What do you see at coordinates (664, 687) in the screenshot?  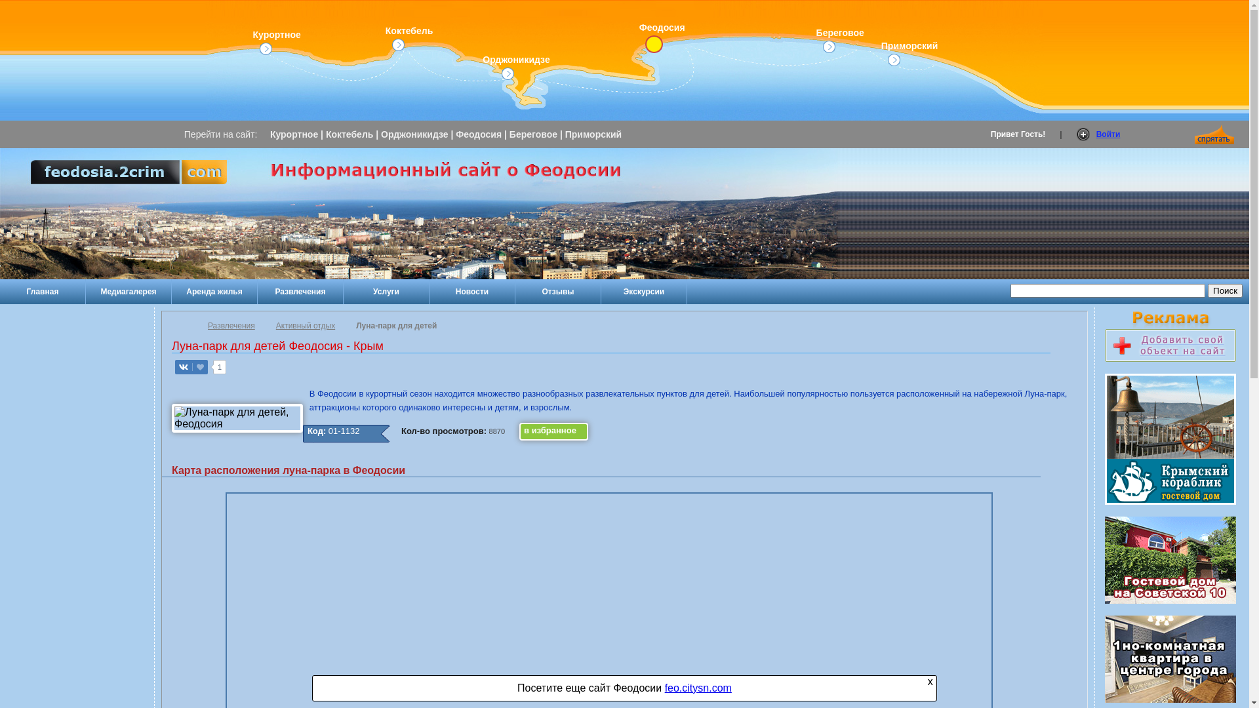 I see `'feo.citysn.com'` at bounding box center [664, 687].